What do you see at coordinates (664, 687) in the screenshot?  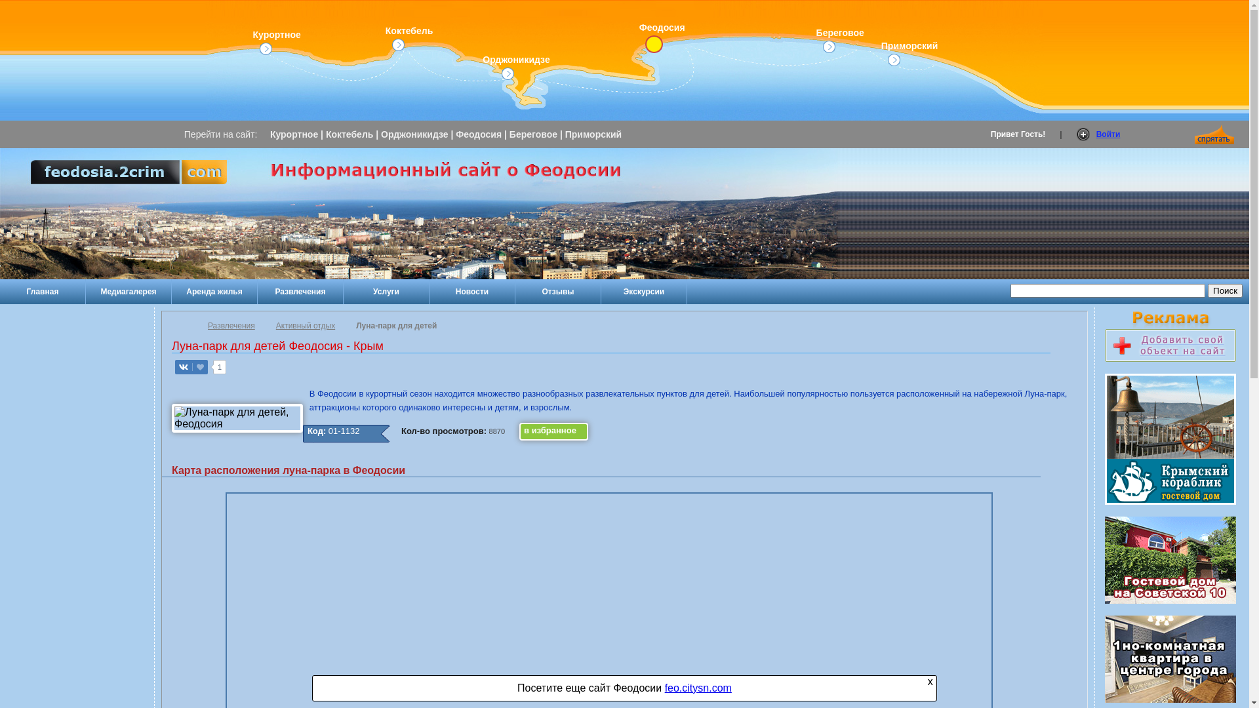 I see `'feo.citysn.com'` at bounding box center [664, 687].